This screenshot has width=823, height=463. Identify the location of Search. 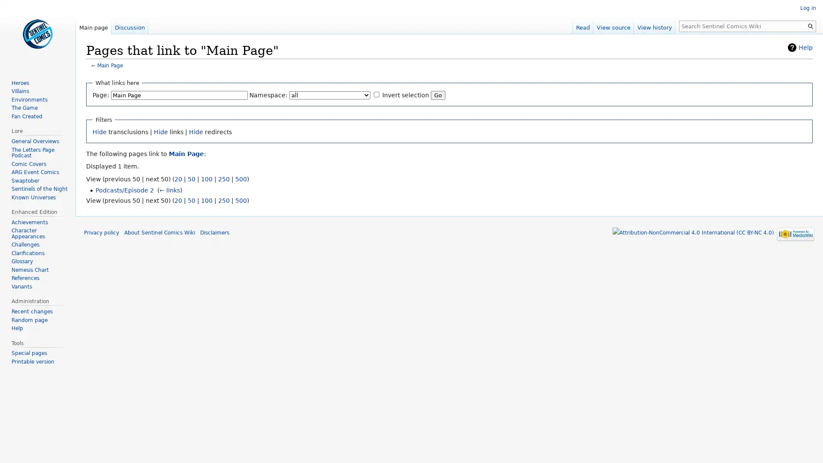
(810, 26).